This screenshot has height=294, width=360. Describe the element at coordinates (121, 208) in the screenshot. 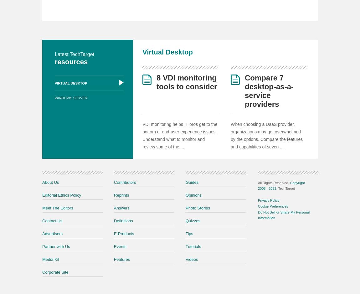

I see `'Answers'` at that location.